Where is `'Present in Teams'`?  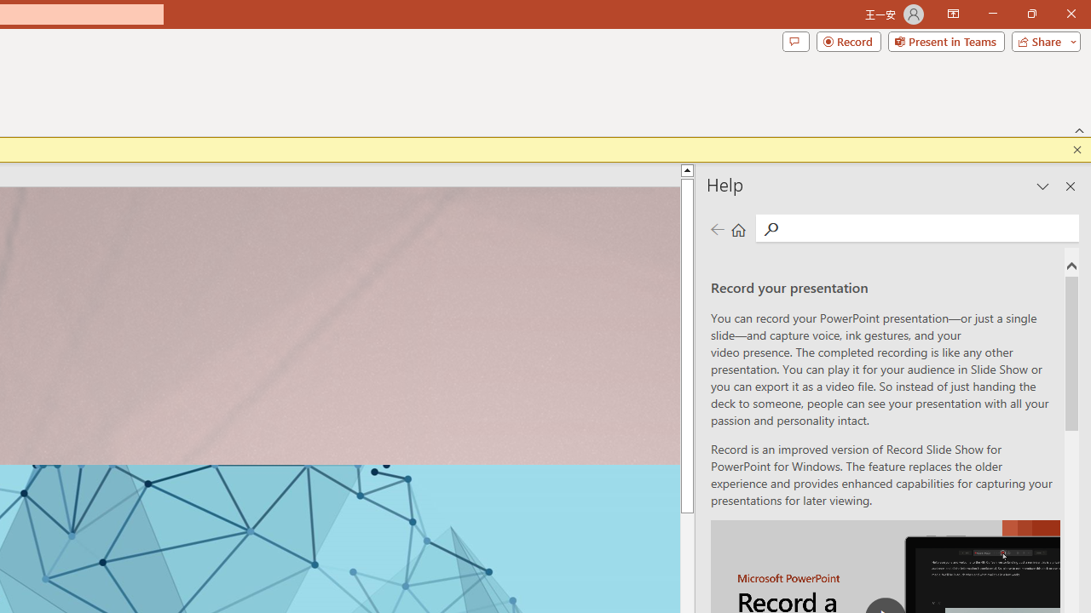
'Present in Teams' is located at coordinates (945, 40).